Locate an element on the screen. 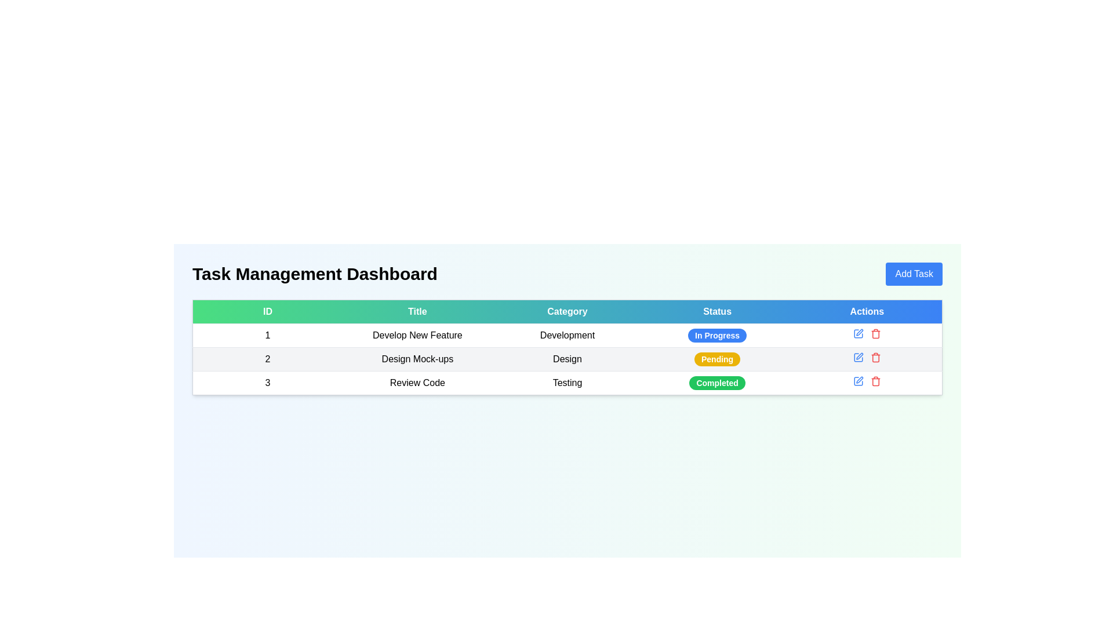  the text element labeled 'Design' which is bold and black, located in the second row of the table within the 'Category' column is located at coordinates (568, 359).